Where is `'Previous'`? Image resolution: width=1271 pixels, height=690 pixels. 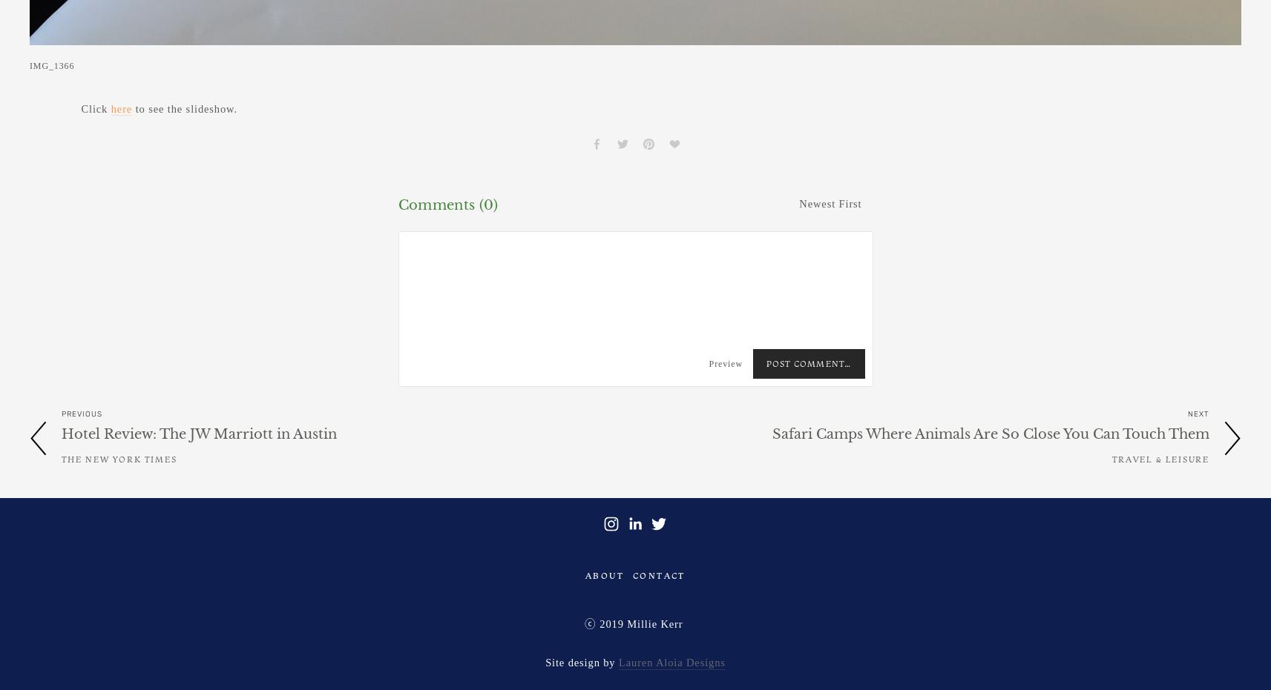
'Previous' is located at coordinates (81, 413).